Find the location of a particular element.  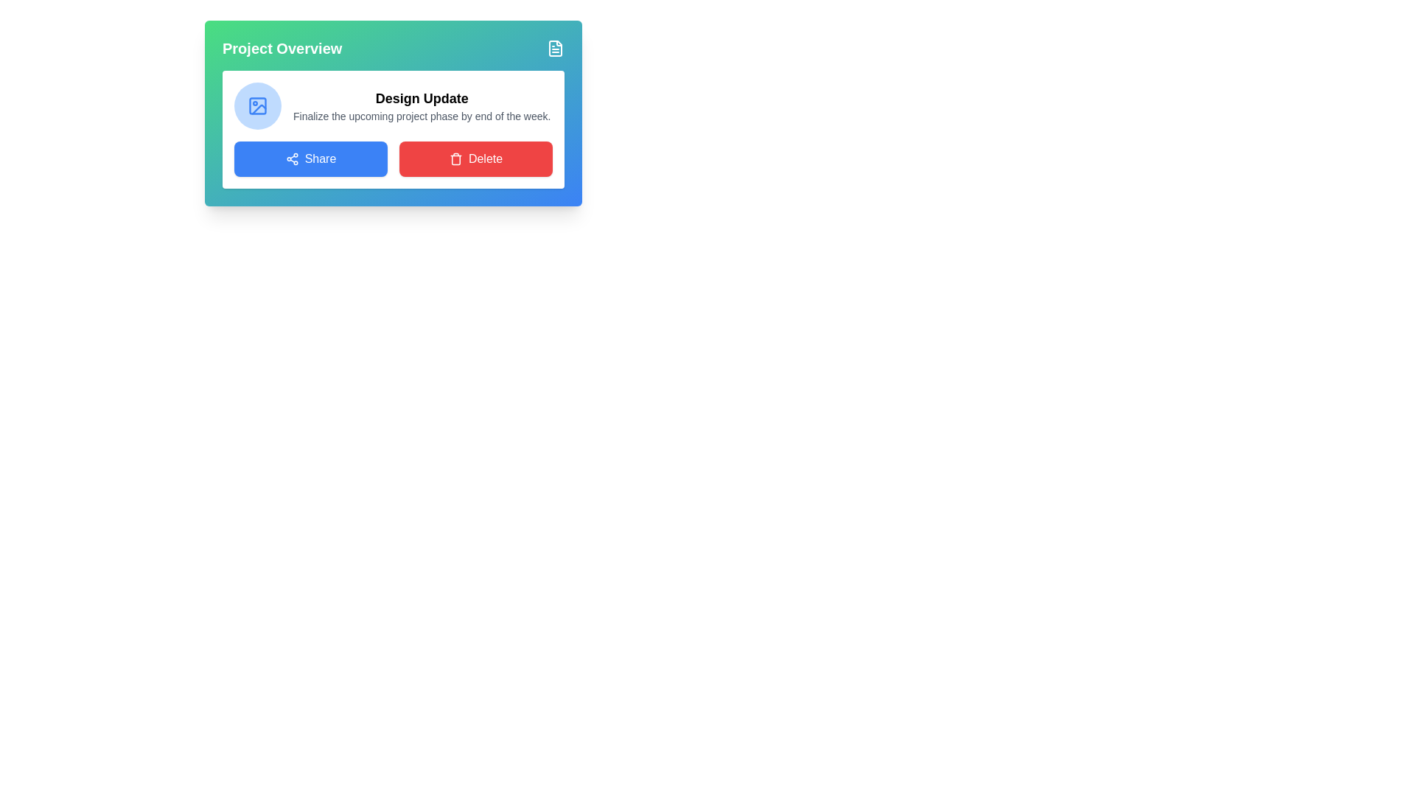

the small red trash bin icon, which is part of the 'Delete' button located at the bottom of the 'Design Update' card is located at coordinates (455, 159).